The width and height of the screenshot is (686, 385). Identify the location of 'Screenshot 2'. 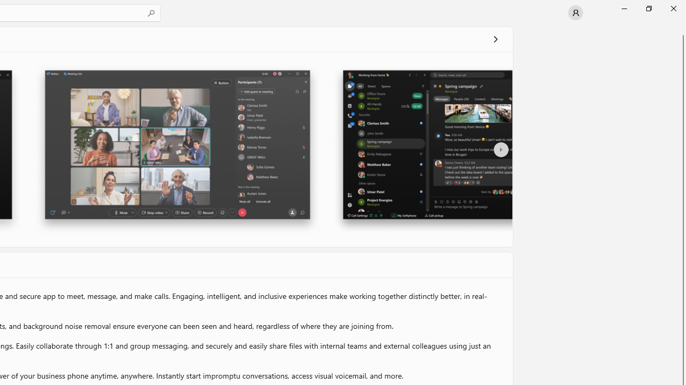
(177, 149).